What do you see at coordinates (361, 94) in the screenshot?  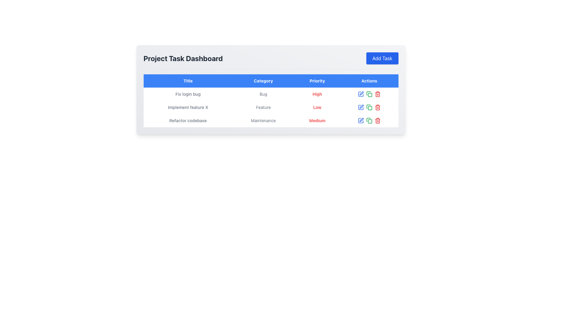 I see `the edit button located in the actions column of the first row in the table to initiate an edit action` at bounding box center [361, 94].